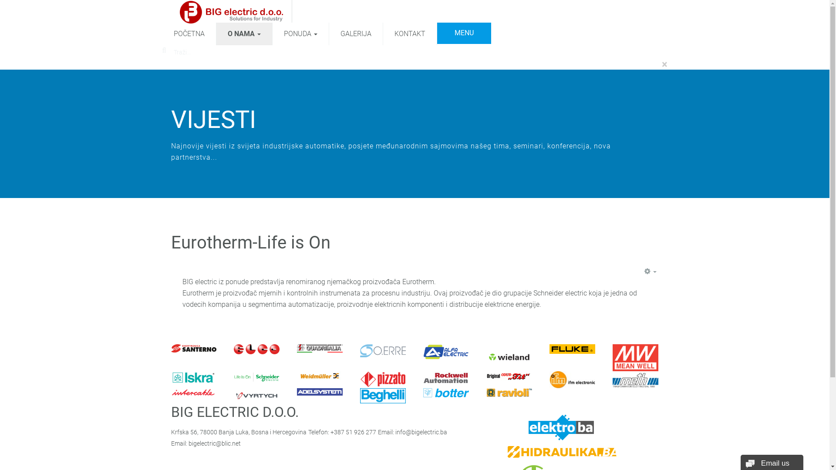 Image resolution: width=836 pixels, height=470 pixels. I want to click on 'Botter', so click(446, 393).